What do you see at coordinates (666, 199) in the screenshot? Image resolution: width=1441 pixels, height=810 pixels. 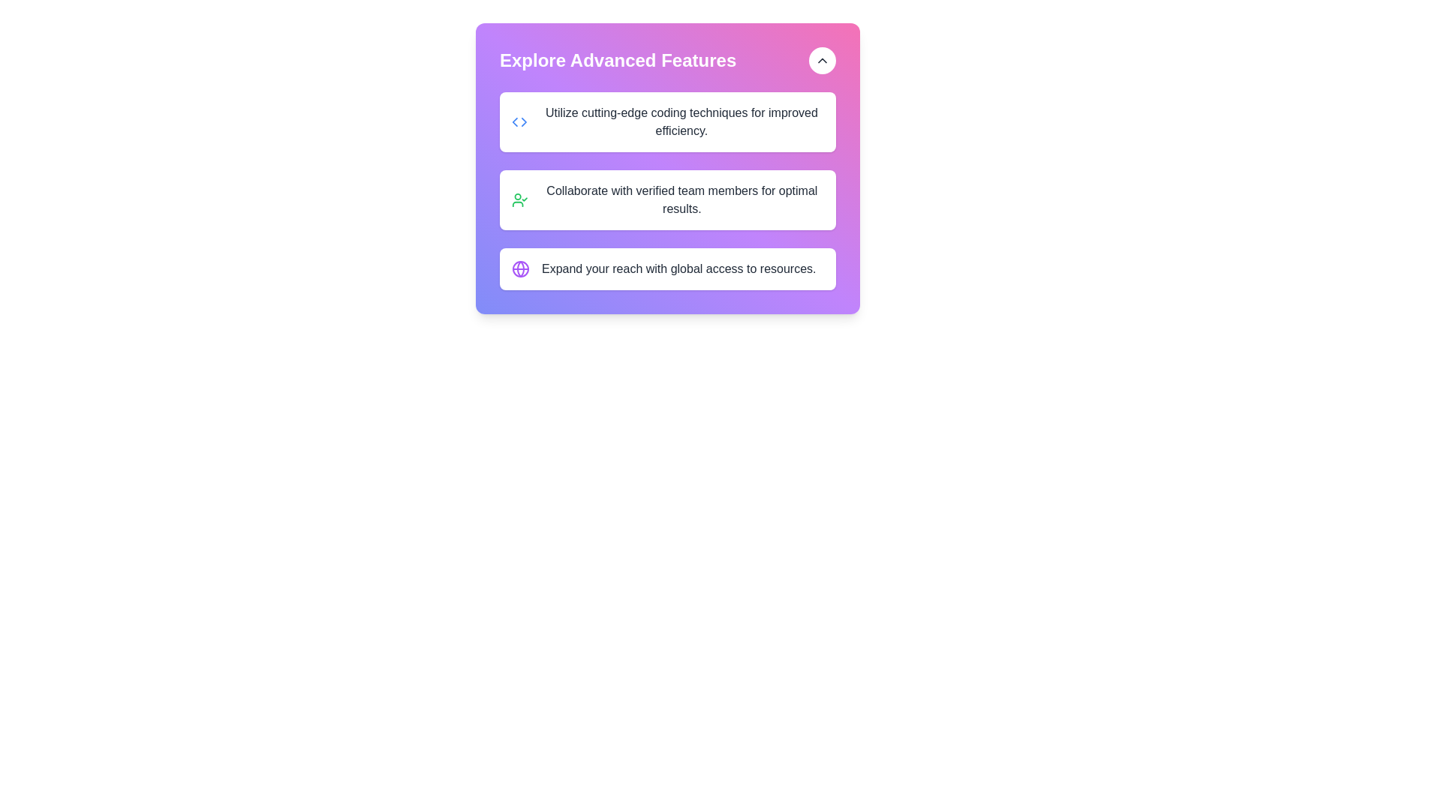 I see `information from the second card component in the 'Explore Advanced Features' section, which highlights collaboration with verified team members` at bounding box center [666, 199].